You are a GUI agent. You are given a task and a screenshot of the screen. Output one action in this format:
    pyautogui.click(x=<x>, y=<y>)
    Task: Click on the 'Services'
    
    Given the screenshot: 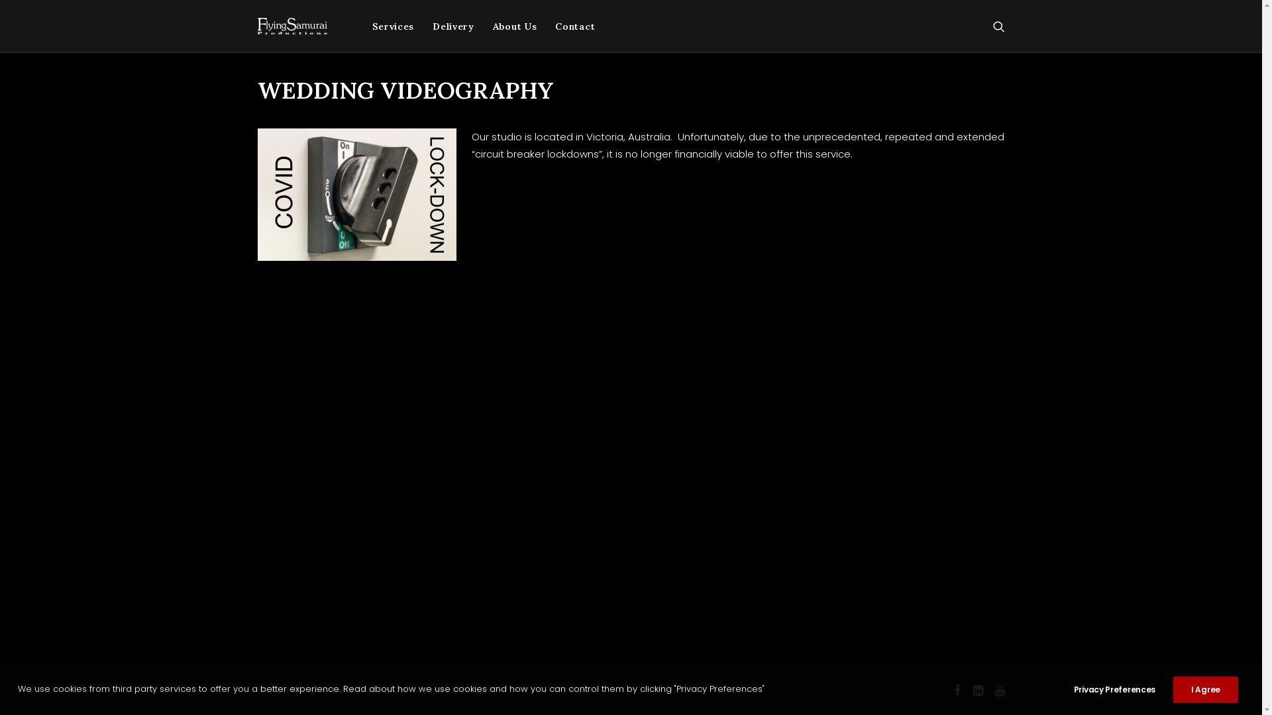 What is the action you would take?
    pyautogui.click(x=393, y=26)
    